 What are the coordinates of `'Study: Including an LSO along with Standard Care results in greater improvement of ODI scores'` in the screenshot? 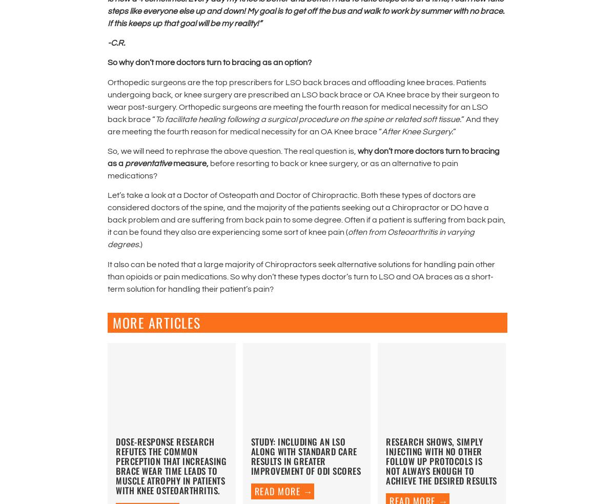 It's located at (305, 456).